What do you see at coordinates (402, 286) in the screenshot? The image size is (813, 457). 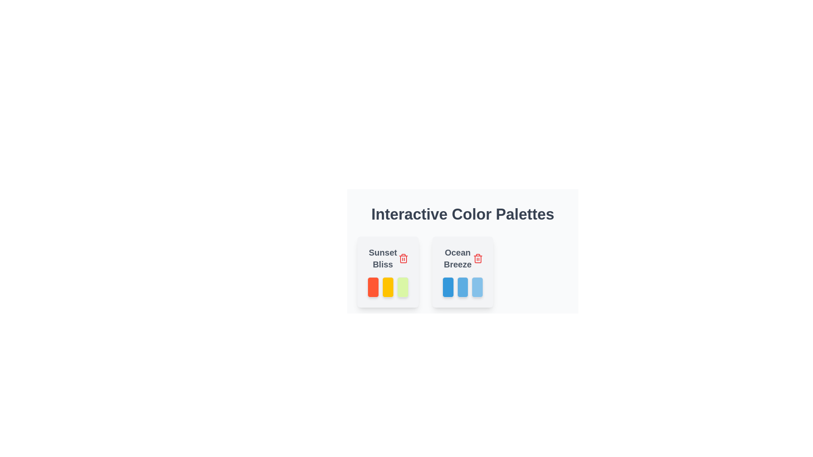 I see `the third light green color indicator tile in the 'Sunset Bliss' box, which is a rectangular tile with rounded borders` at bounding box center [402, 286].